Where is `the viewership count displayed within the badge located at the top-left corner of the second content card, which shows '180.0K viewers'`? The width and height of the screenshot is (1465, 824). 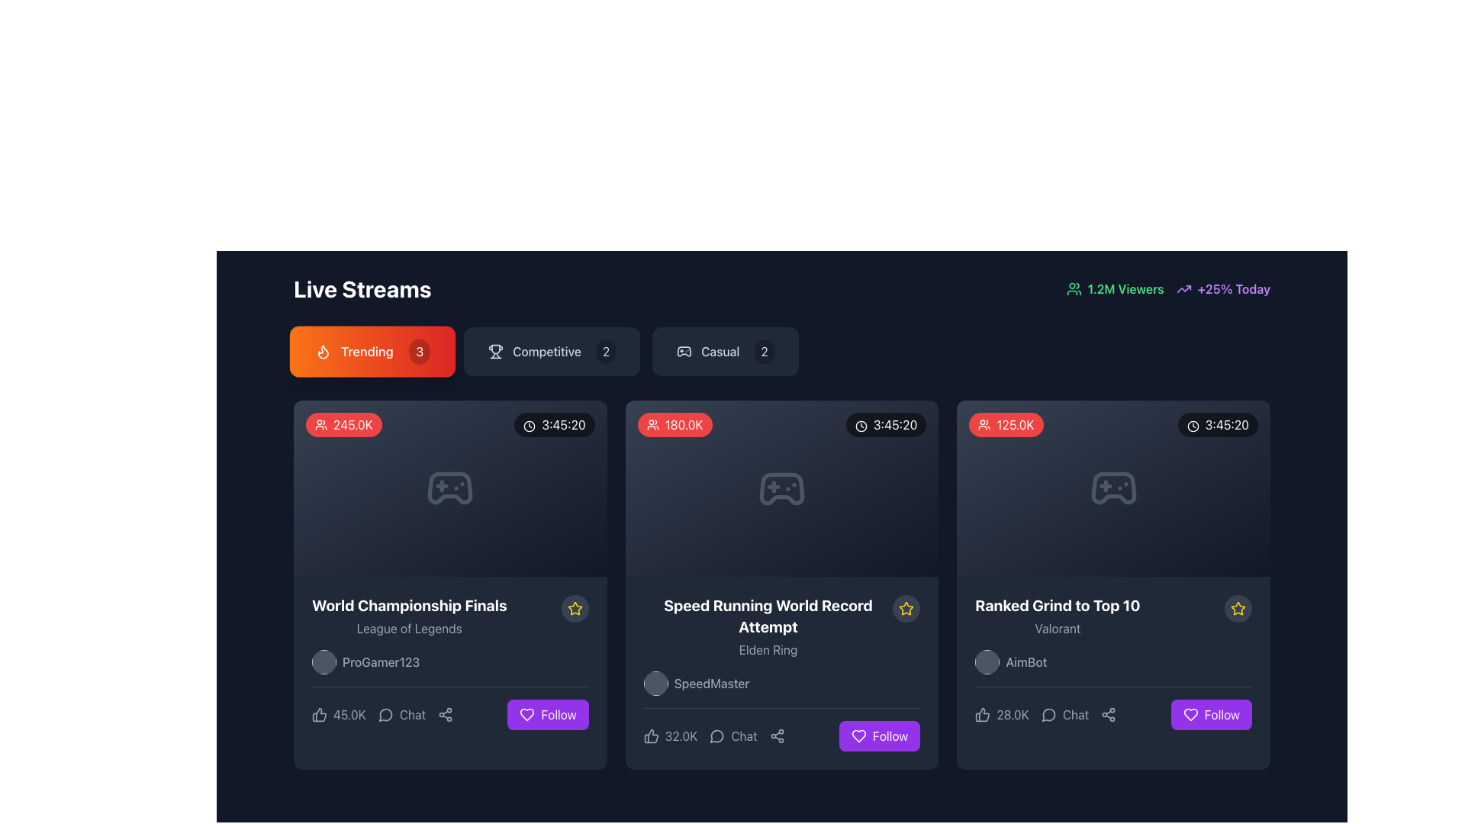 the viewership count displayed within the badge located at the top-left corner of the second content card, which shows '180.0K viewers' is located at coordinates (683, 424).